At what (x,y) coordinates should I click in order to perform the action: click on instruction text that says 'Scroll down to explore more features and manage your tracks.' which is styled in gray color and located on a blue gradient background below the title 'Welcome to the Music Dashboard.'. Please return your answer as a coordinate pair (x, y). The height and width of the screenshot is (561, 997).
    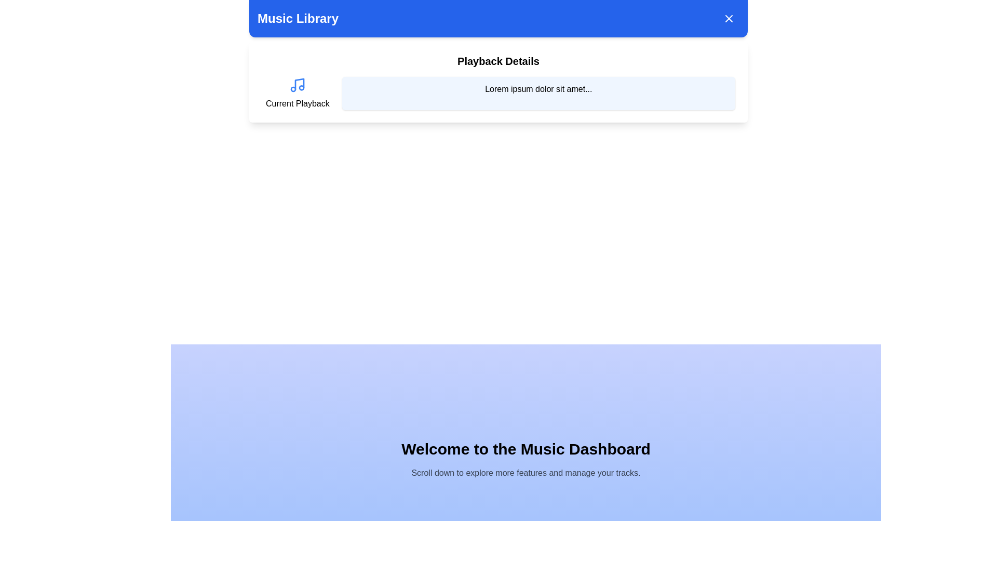
    Looking at the image, I should click on (526, 473).